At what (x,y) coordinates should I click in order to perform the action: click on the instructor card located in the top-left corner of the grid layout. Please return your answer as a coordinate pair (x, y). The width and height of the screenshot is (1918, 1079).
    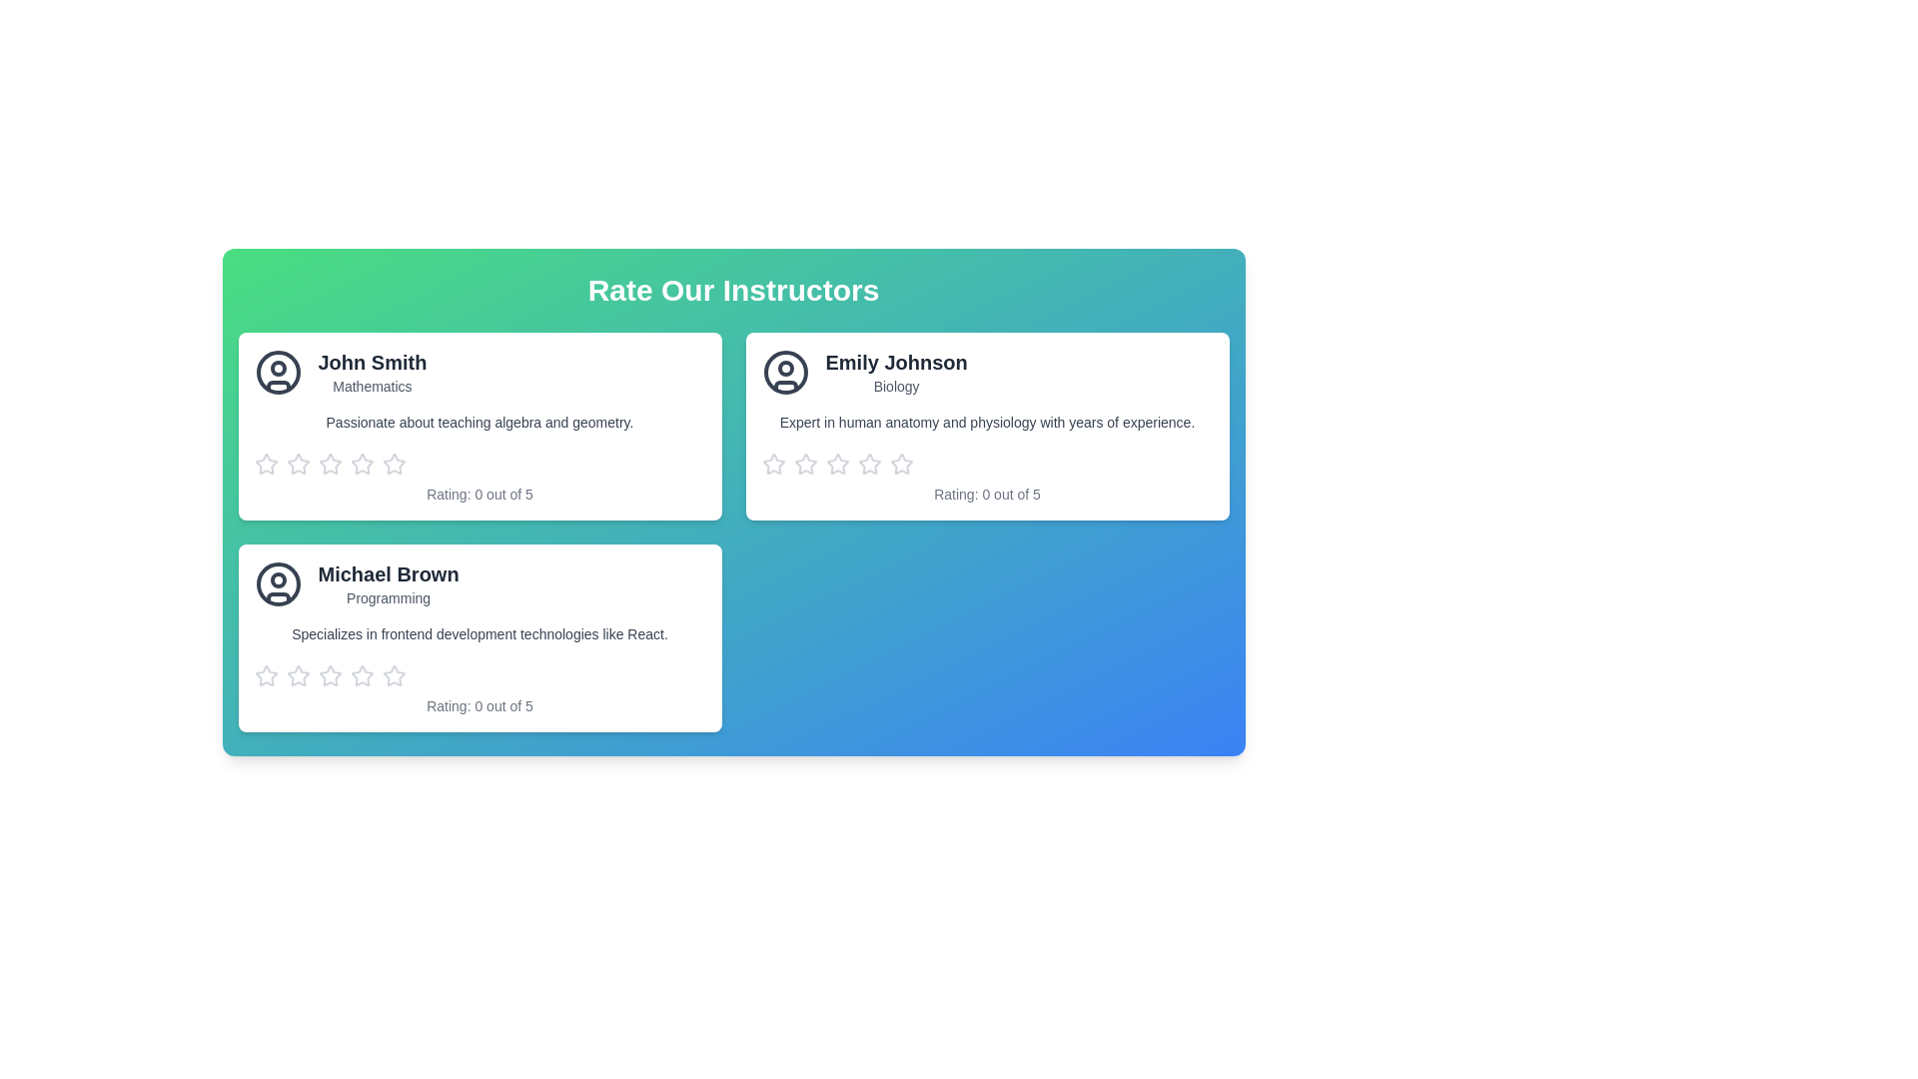
    Looking at the image, I should click on (479, 426).